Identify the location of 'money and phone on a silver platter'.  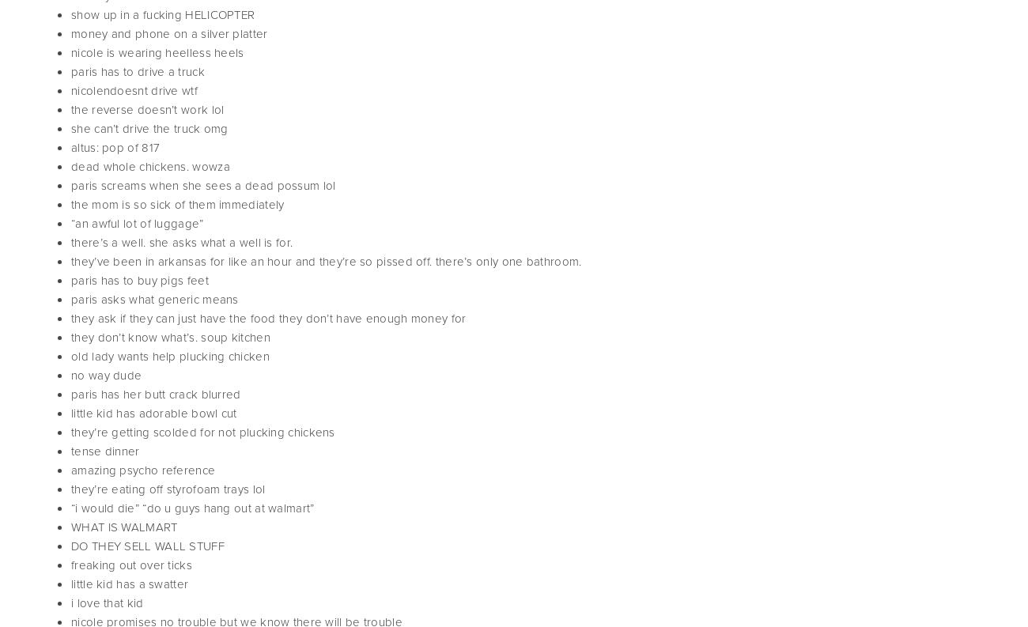
(168, 32).